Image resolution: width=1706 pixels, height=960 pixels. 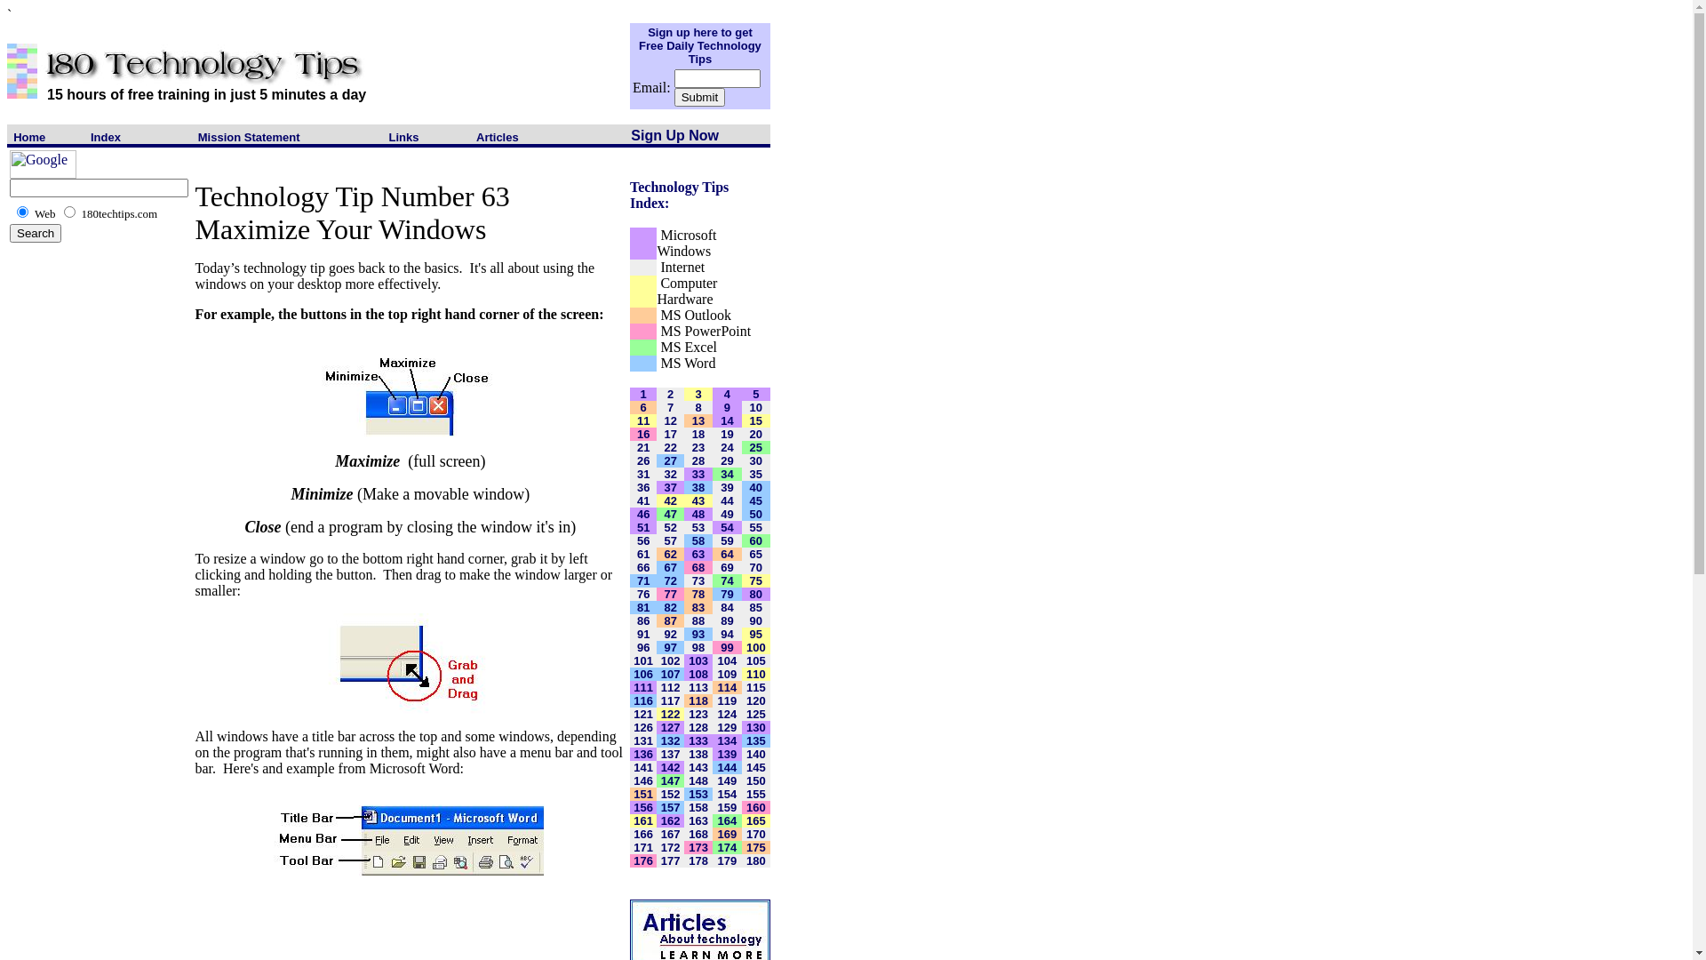 I want to click on '113', so click(x=698, y=685).